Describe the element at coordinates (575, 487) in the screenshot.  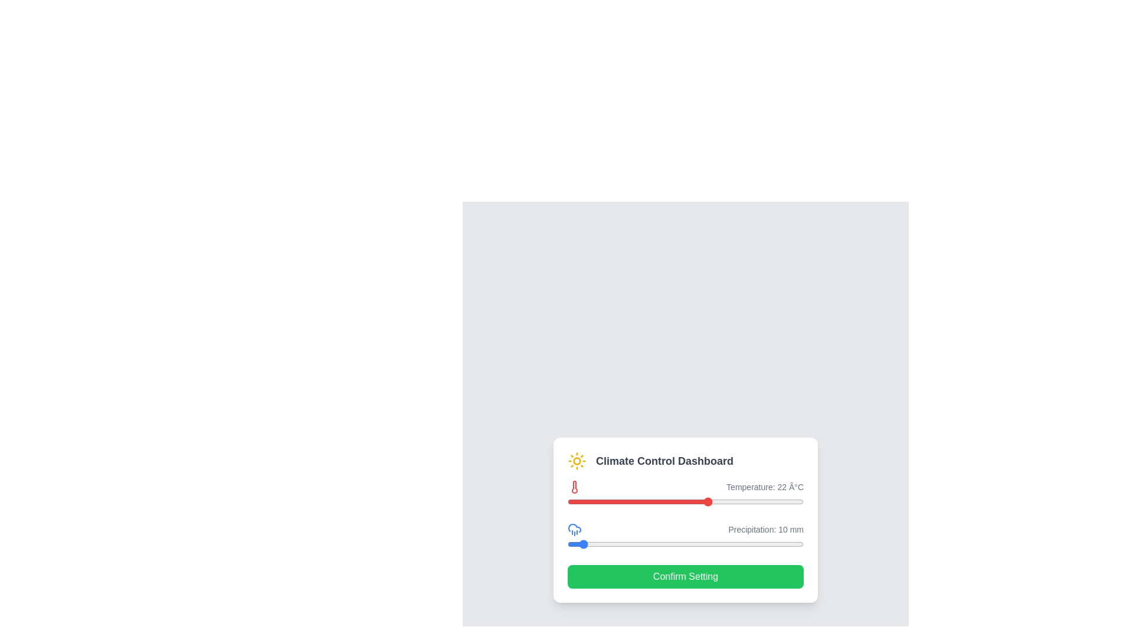
I see `the temperature icon to inspect its details` at that location.